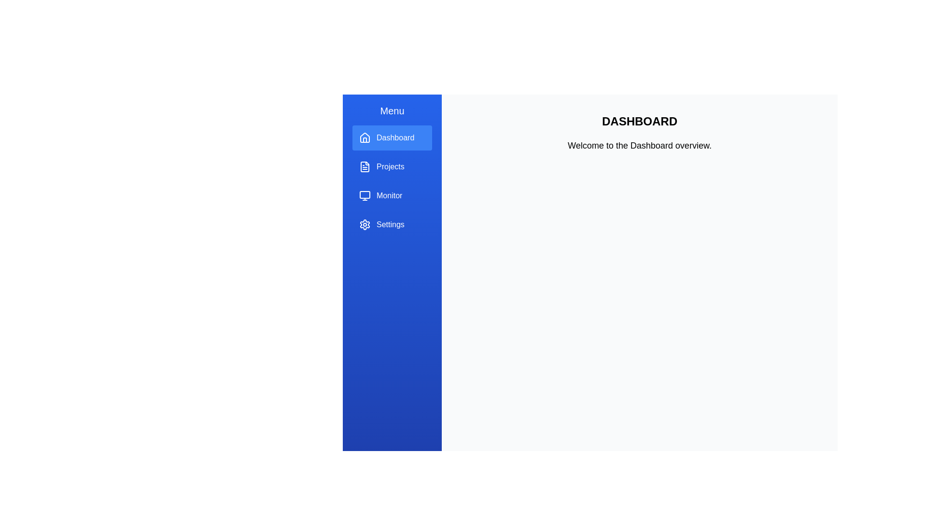  Describe the element at coordinates (390, 225) in the screenshot. I see `the 'Settings' text label in the blue sidebar` at that location.